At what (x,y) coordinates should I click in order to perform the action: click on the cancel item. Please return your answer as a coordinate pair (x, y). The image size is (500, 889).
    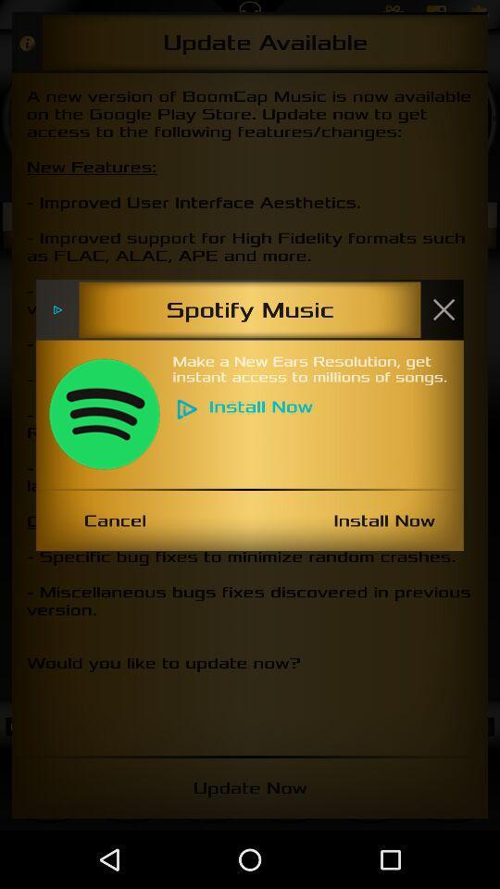
    Looking at the image, I should click on (115, 520).